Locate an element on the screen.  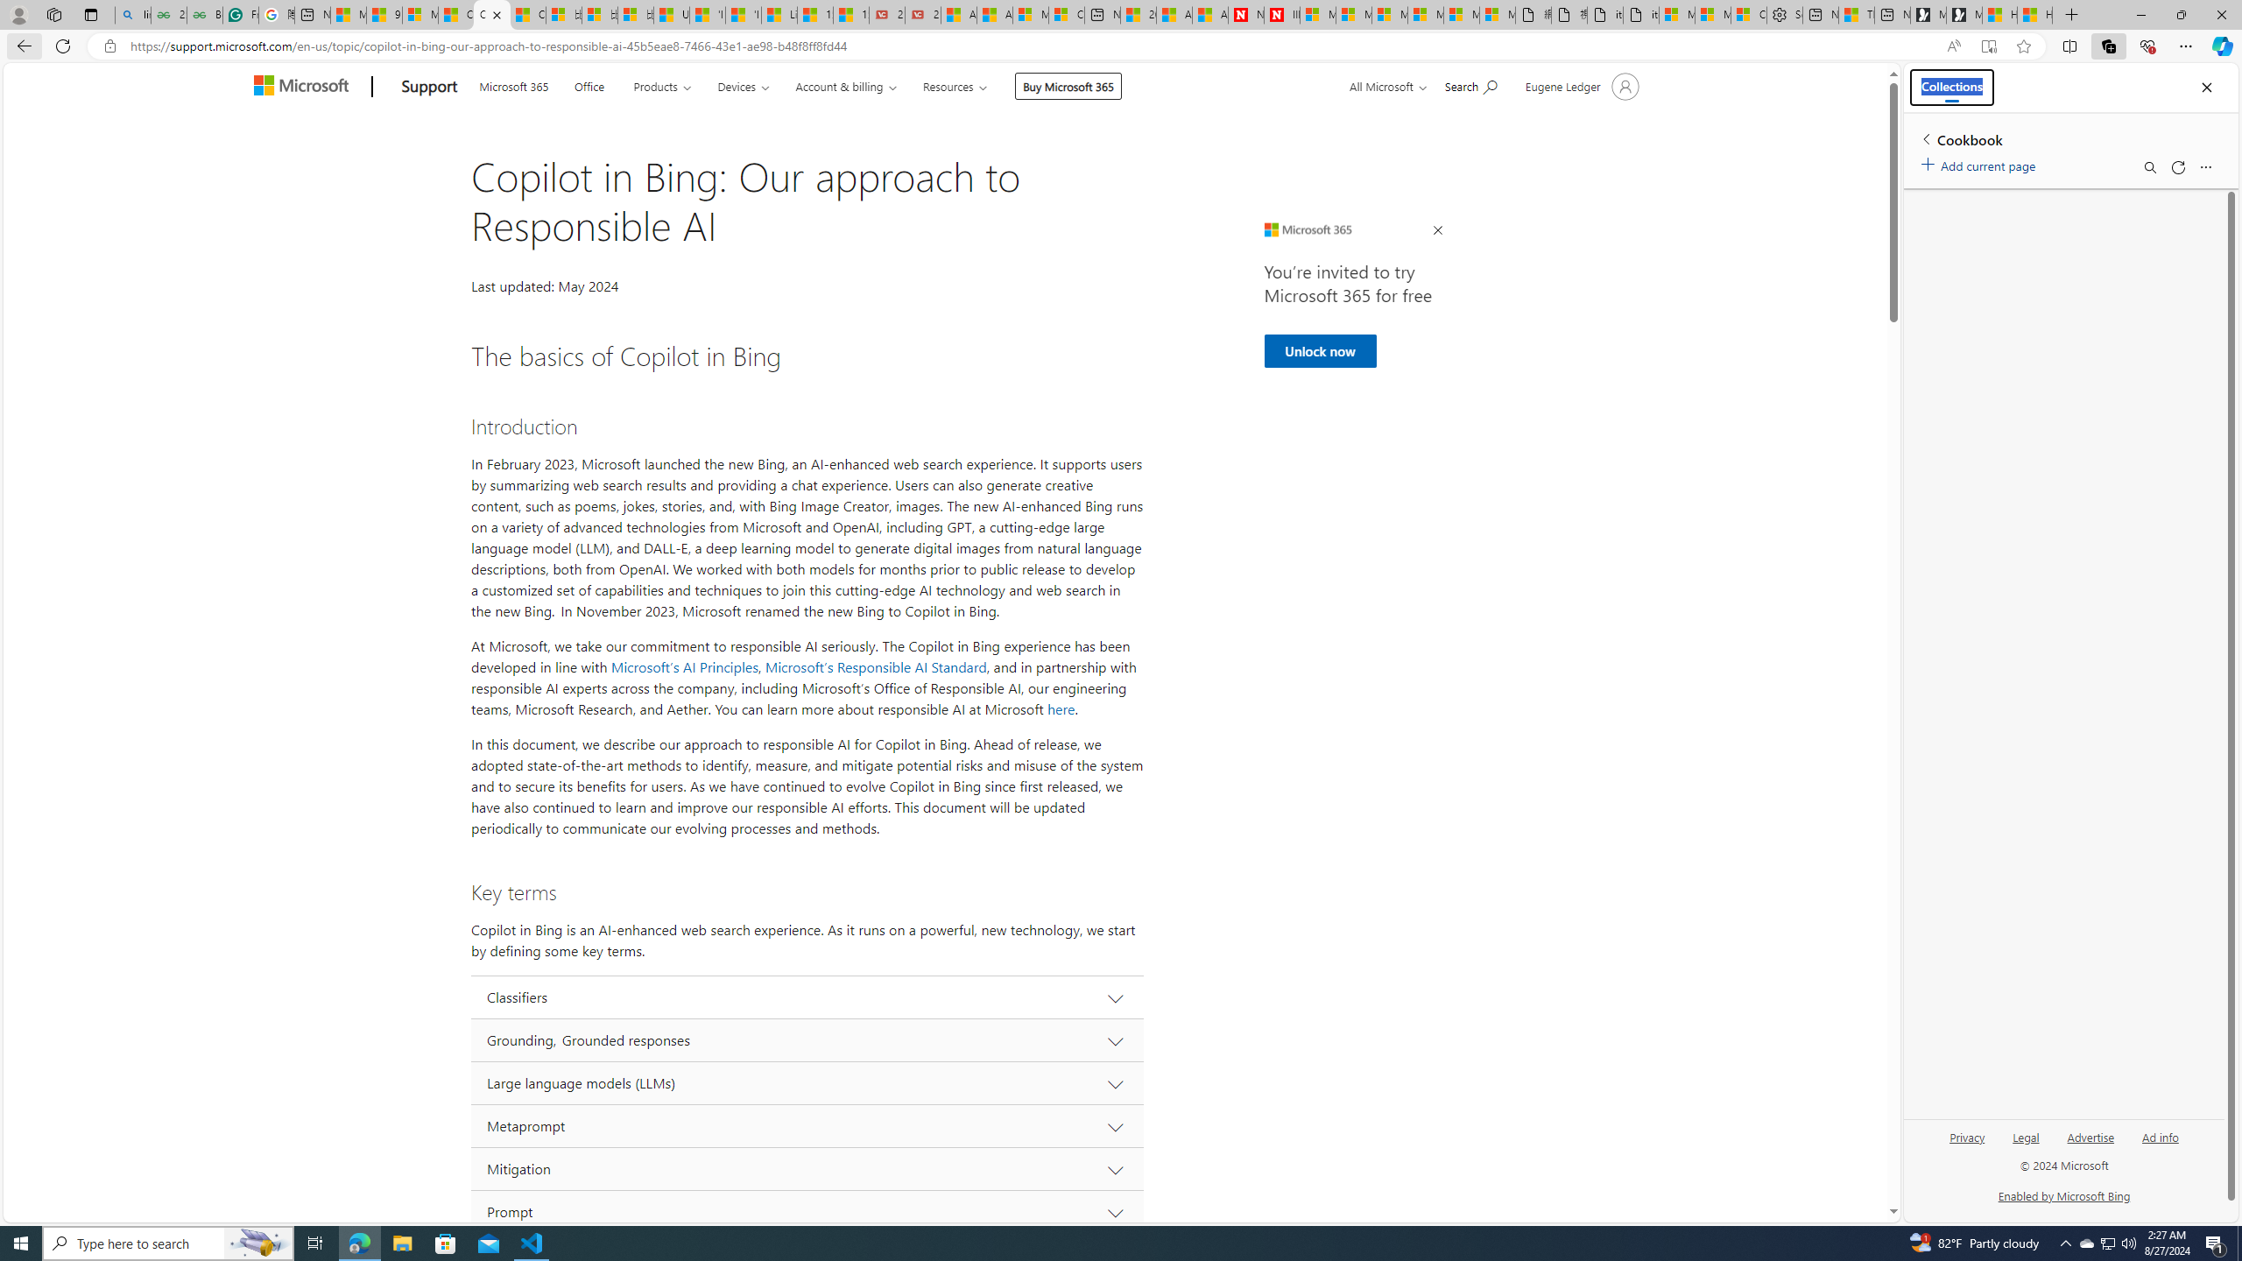
'Ad info' is located at coordinates (2160, 1143).